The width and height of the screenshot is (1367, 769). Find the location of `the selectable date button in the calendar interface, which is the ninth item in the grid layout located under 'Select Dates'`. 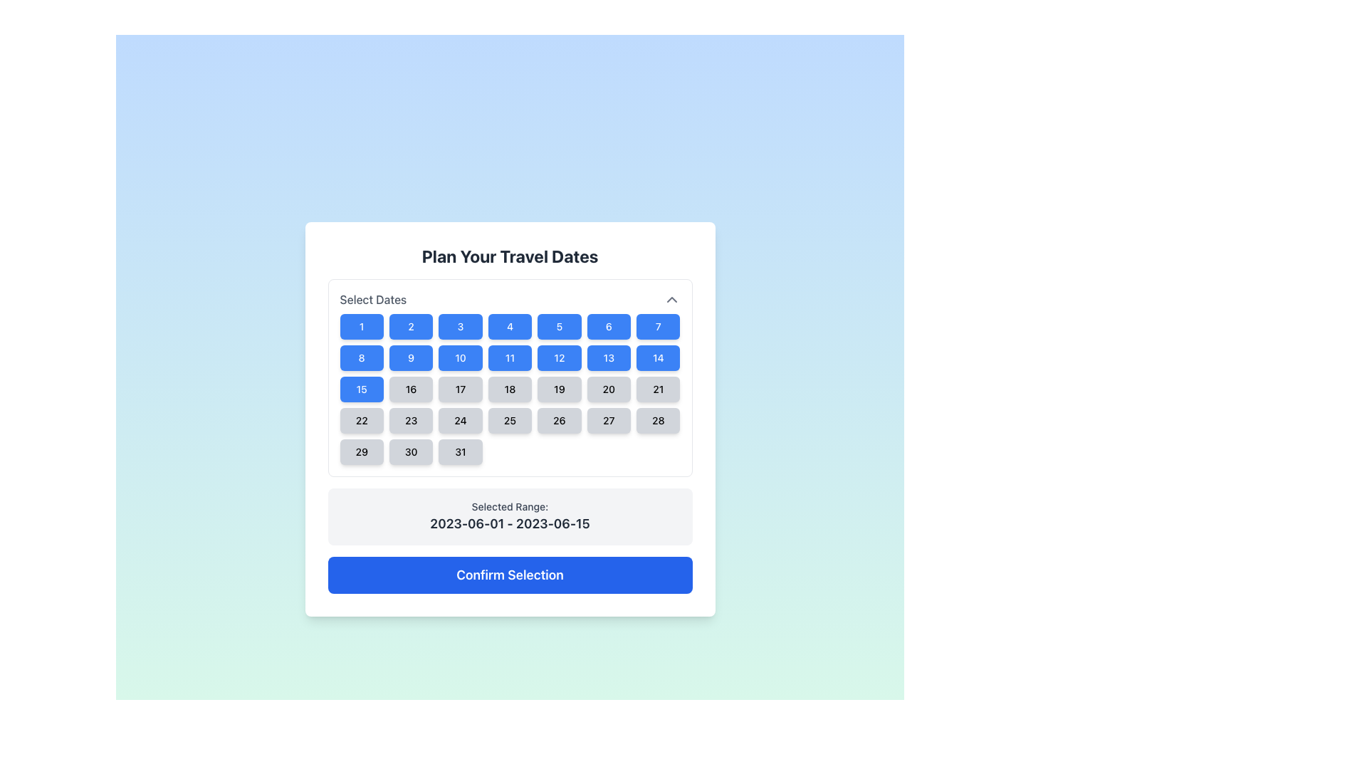

the selectable date button in the calendar interface, which is the ninth item in the grid layout located under 'Select Dates' is located at coordinates (410, 357).